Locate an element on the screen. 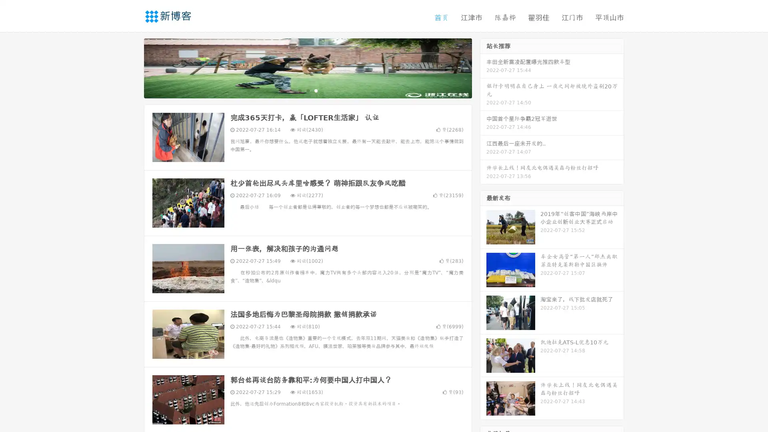 The width and height of the screenshot is (768, 432). Go to slide 1 is located at coordinates (299, 90).